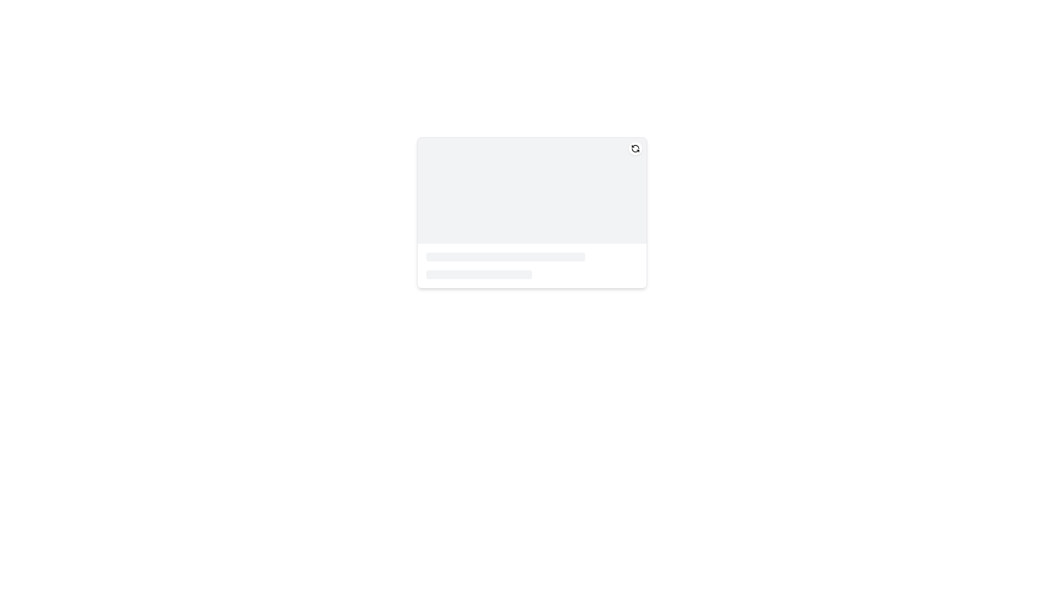  What do you see at coordinates (532, 213) in the screenshot?
I see `the card with loading content that has a light gray top section and circular refresh button in the top right corner` at bounding box center [532, 213].